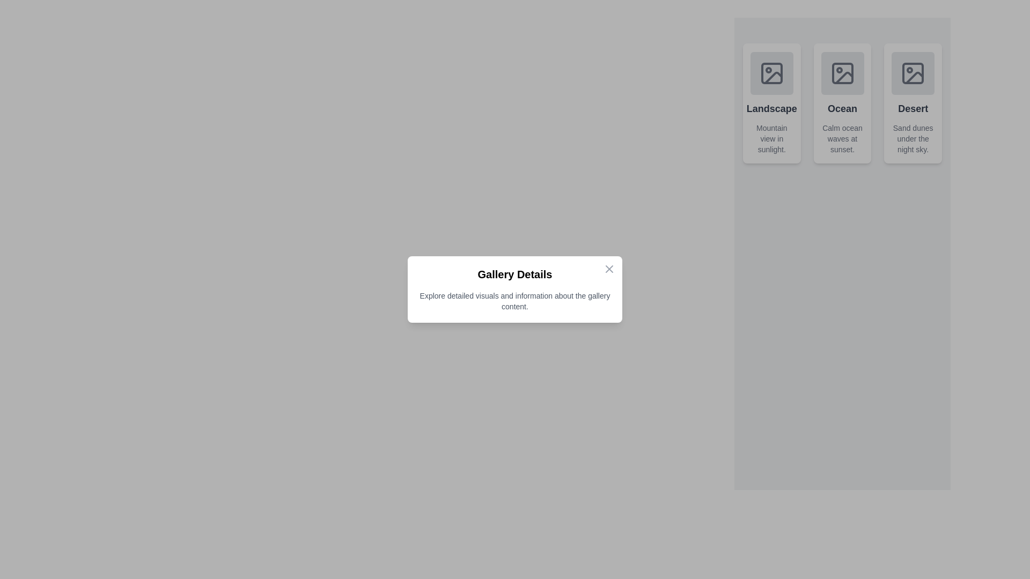  I want to click on the gray vector icon resembling an image placeholder with a small circle and mountain, located at the top-center of the 'Ocean' card, so click(842, 73).